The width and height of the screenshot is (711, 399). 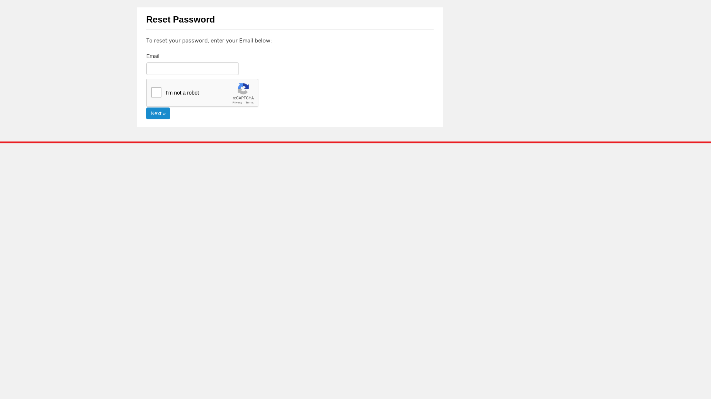 What do you see at coordinates (203, 92) in the screenshot?
I see `'reCAPTCHA'` at bounding box center [203, 92].